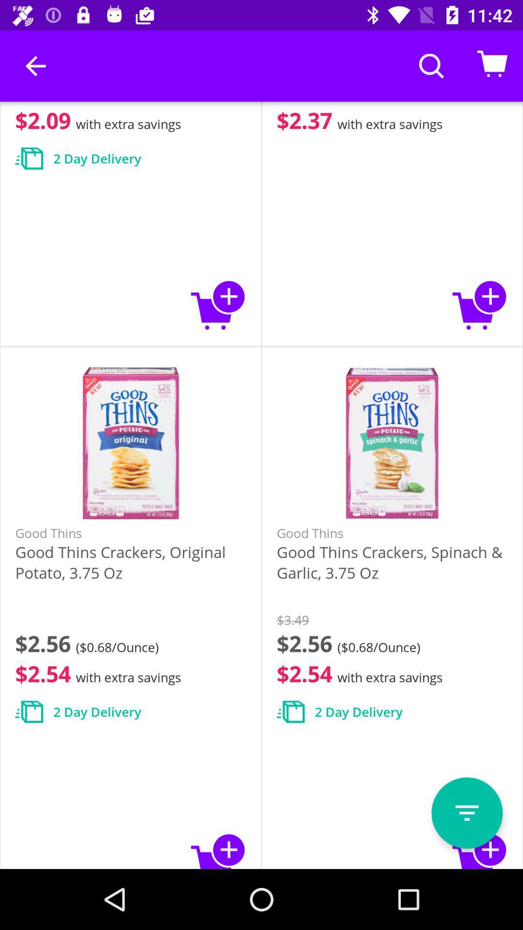 This screenshot has width=523, height=930. I want to click on menu, so click(466, 813).